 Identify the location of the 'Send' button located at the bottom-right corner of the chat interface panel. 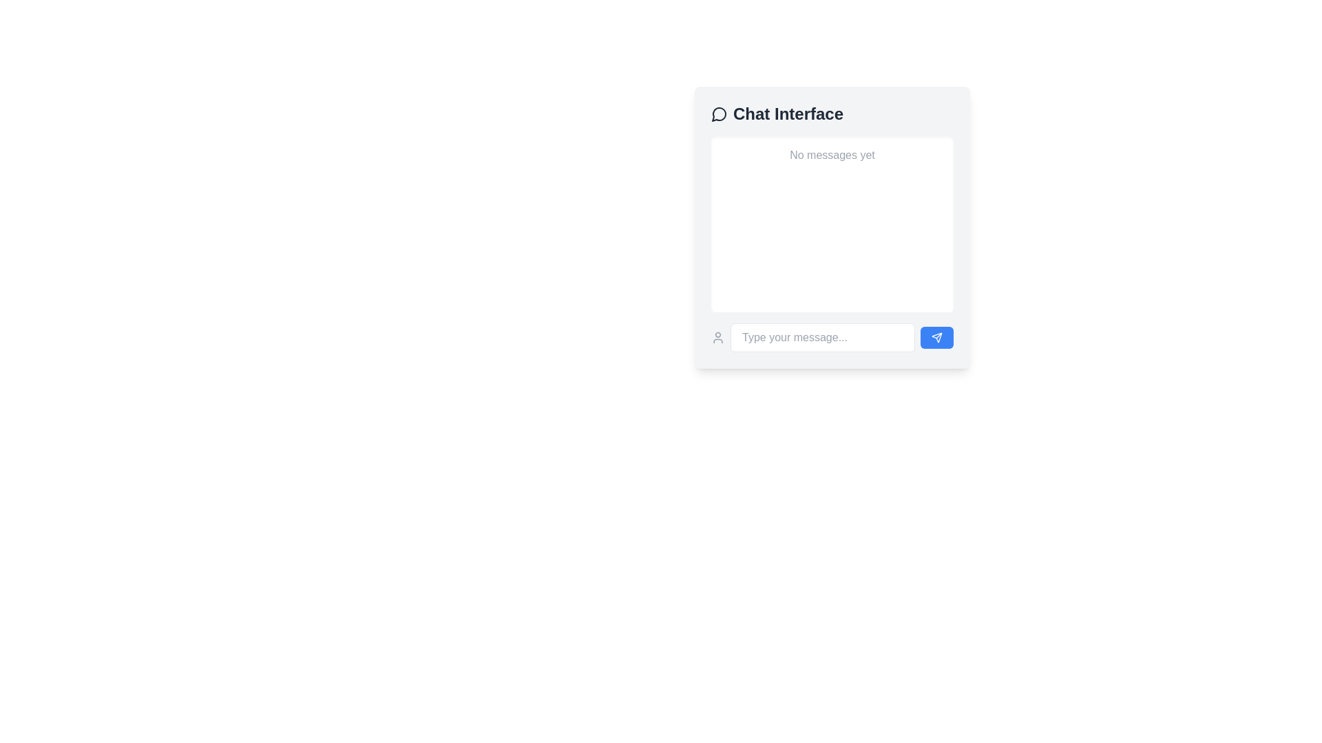
(936, 337).